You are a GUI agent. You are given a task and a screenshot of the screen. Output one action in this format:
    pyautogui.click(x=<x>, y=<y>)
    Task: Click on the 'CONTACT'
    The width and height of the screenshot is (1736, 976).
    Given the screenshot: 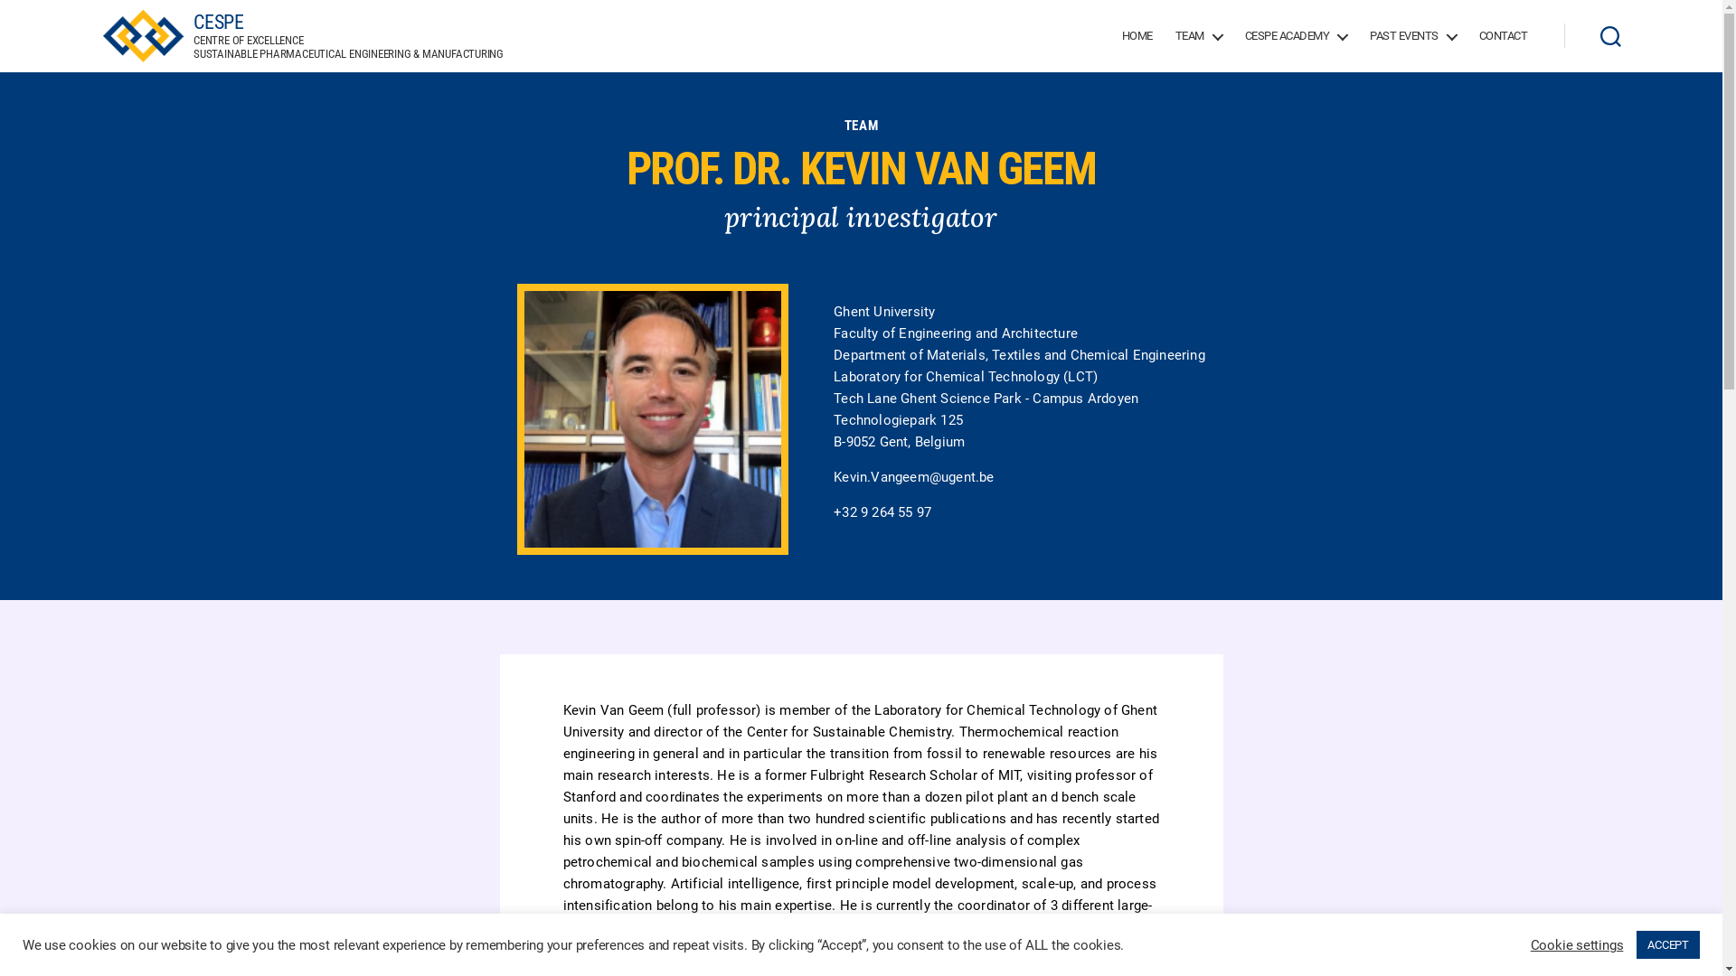 What is the action you would take?
    pyautogui.click(x=1503, y=35)
    